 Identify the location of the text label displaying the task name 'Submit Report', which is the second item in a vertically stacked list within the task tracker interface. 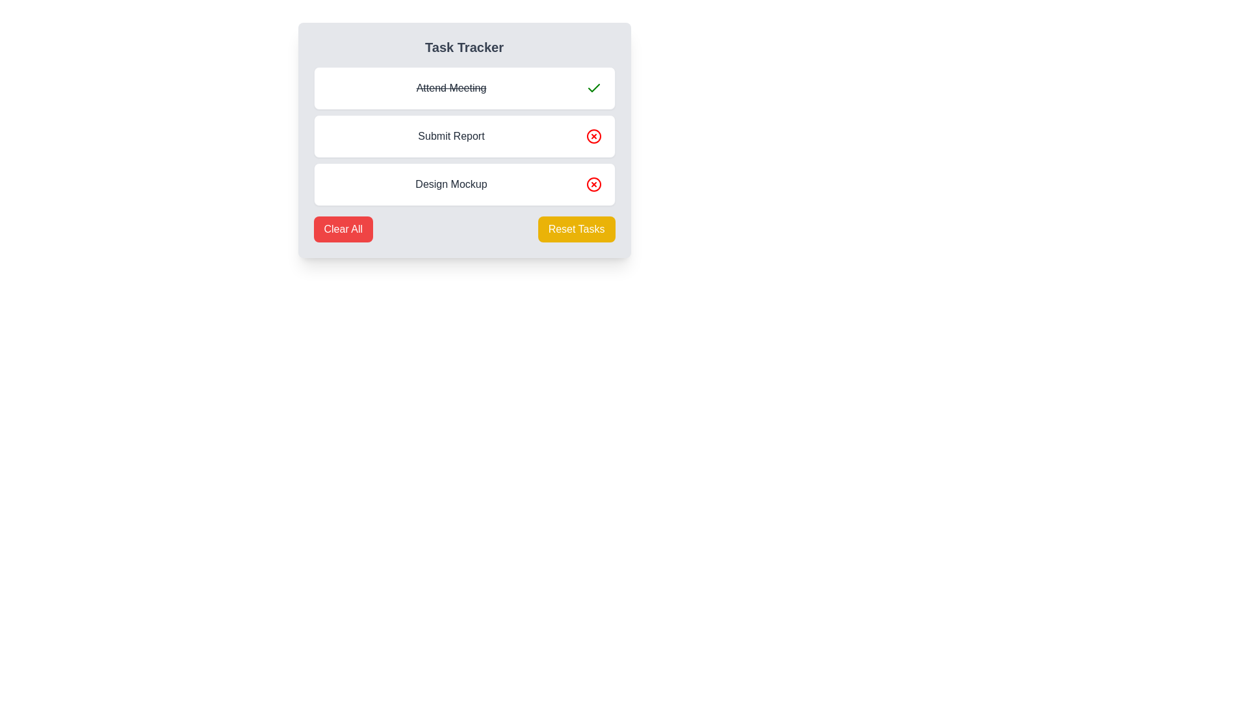
(451, 136).